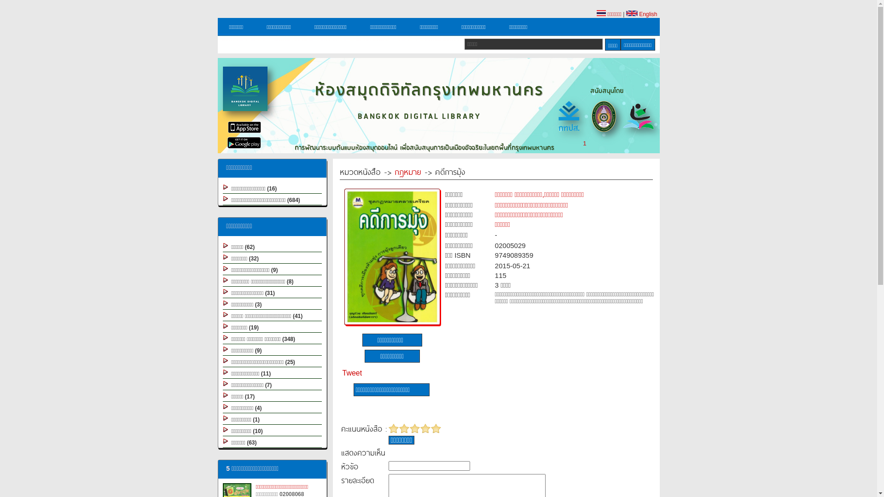  I want to click on 'Search', so click(605, 44).